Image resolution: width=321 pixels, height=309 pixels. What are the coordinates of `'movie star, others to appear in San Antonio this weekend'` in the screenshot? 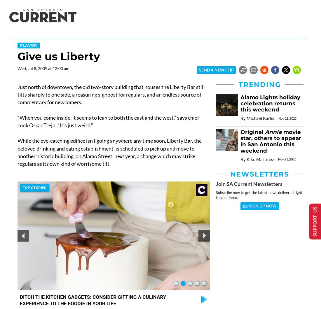 It's located at (271, 141).